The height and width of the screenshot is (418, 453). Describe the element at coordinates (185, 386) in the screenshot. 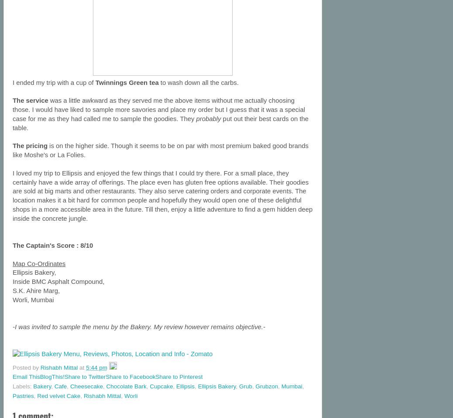

I see `'Ellipsis'` at that location.